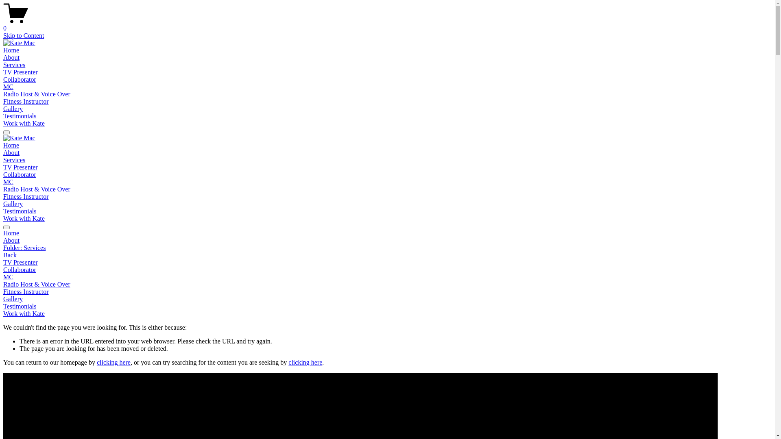 The height and width of the screenshot is (439, 781). Describe the element at coordinates (20, 79) in the screenshot. I see `'Collaborator'` at that location.